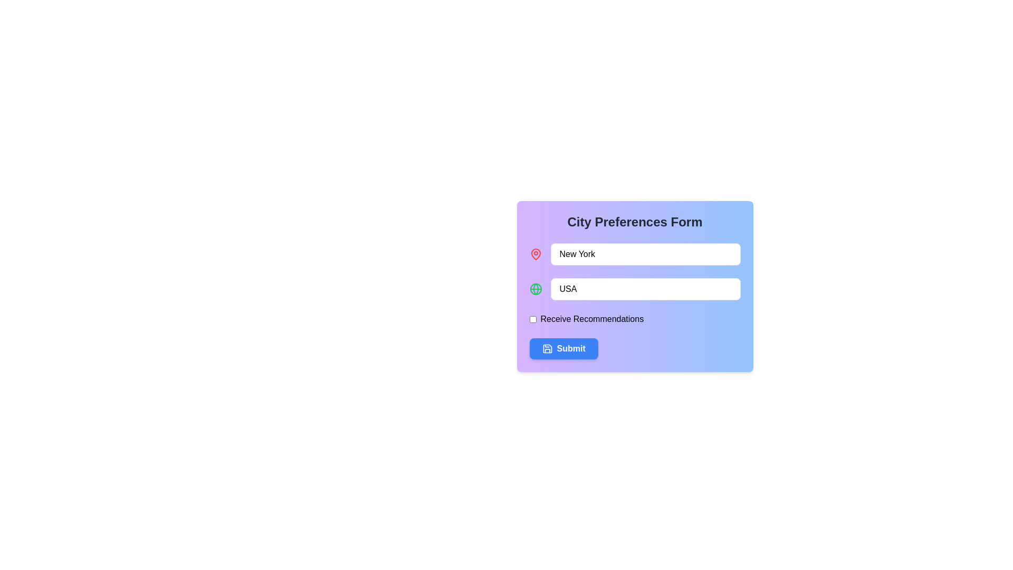  Describe the element at coordinates (536, 289) in the screenshot. I see `the primary circular outline of the globe icon located to the left of the text field labeled 'USA'` at that location.